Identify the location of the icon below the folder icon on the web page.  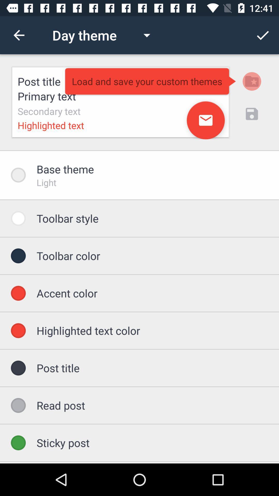
(252, 114).